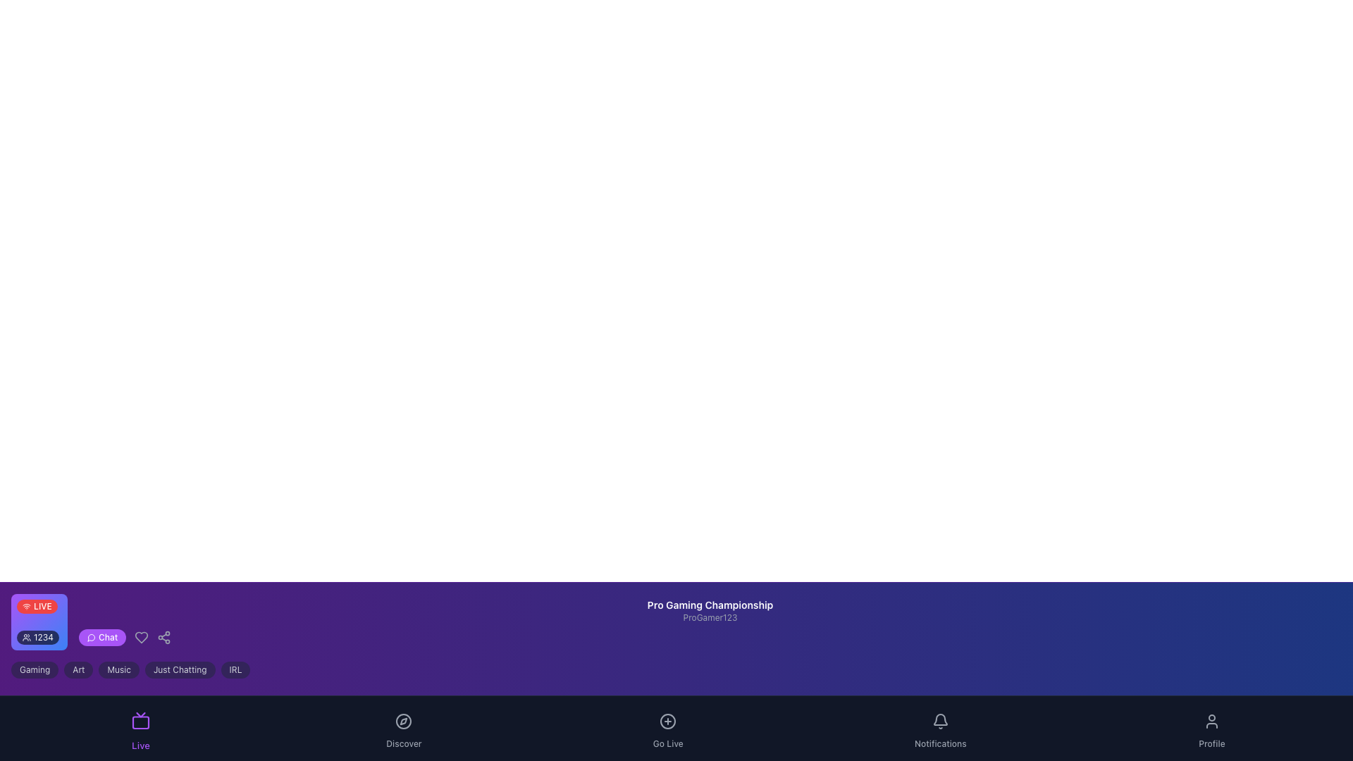  What do you see at coordinates (940, 721) in the screenshot?
I see `the notifications icon located centrally in the bottom navigation bar` at bounding box center [940, 721].